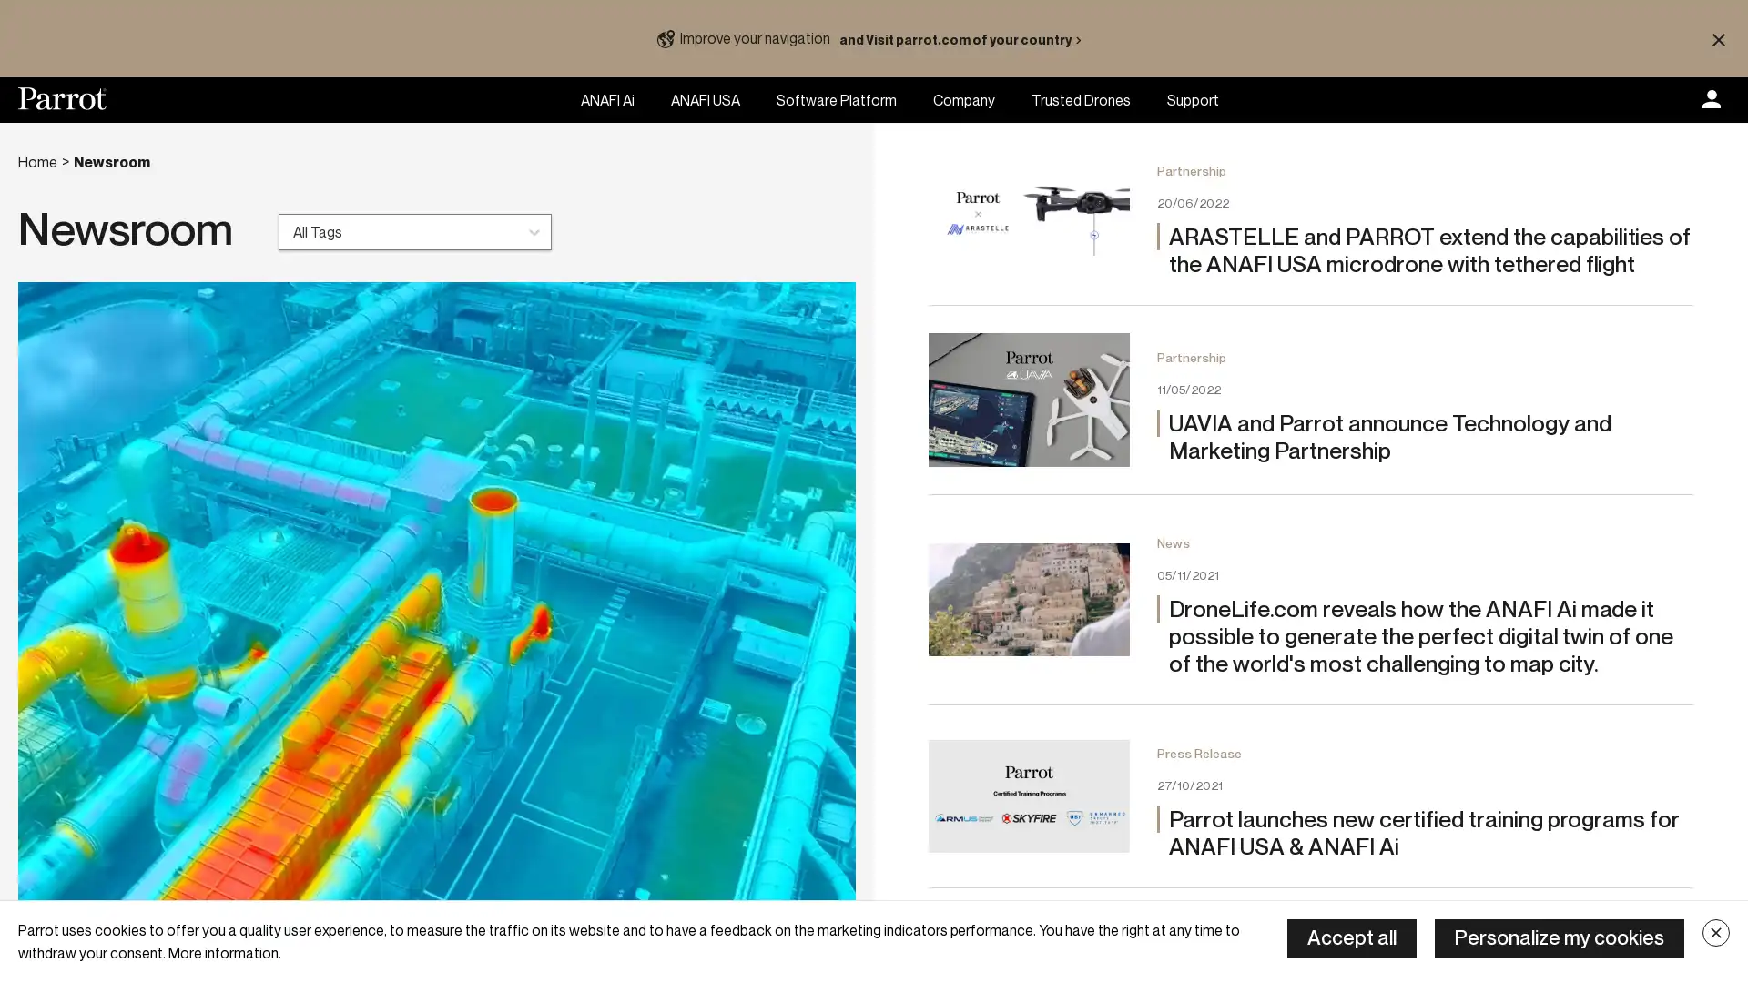 The height and width of the screenshot is (983, 1748). I want to click on close not-good-shop-alert, so click(1717, 38).